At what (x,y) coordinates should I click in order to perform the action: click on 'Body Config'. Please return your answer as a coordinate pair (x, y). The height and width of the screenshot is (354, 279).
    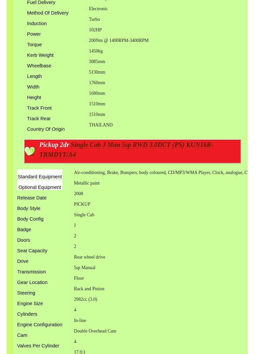
    Looking at the image, I should click on (30, 219).